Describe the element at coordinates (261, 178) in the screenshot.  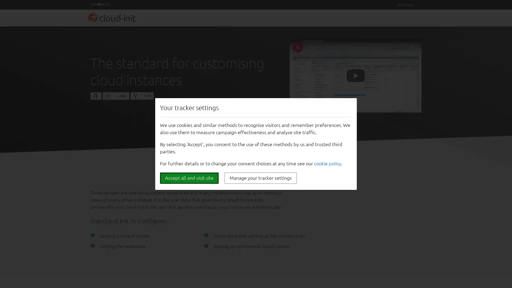
I see `Manage your tracker settings` at that location.